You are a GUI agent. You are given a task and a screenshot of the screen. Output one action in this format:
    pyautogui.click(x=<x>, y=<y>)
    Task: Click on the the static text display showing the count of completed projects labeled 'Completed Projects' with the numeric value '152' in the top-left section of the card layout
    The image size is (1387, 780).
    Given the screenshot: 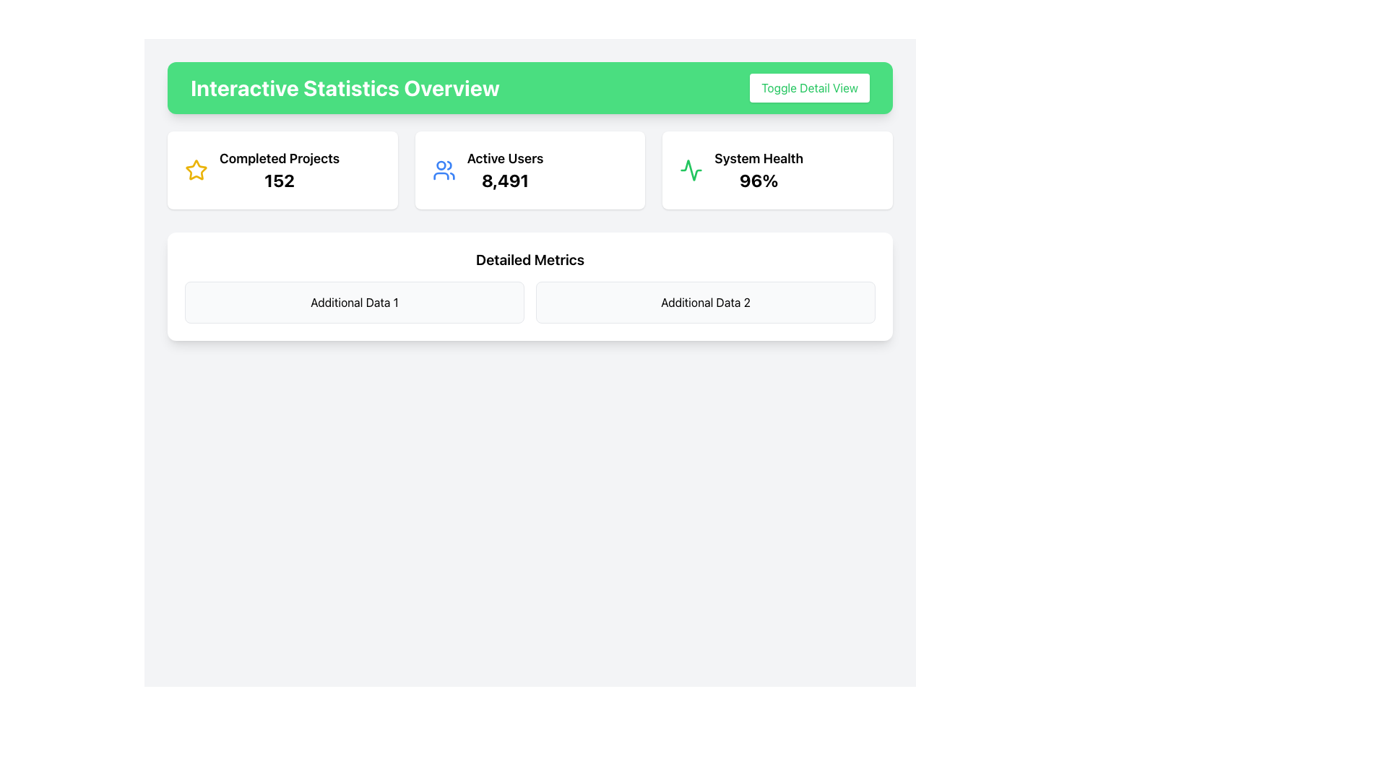 What is the action you would take?
    pyautogui.click(x=280, y=180)
    